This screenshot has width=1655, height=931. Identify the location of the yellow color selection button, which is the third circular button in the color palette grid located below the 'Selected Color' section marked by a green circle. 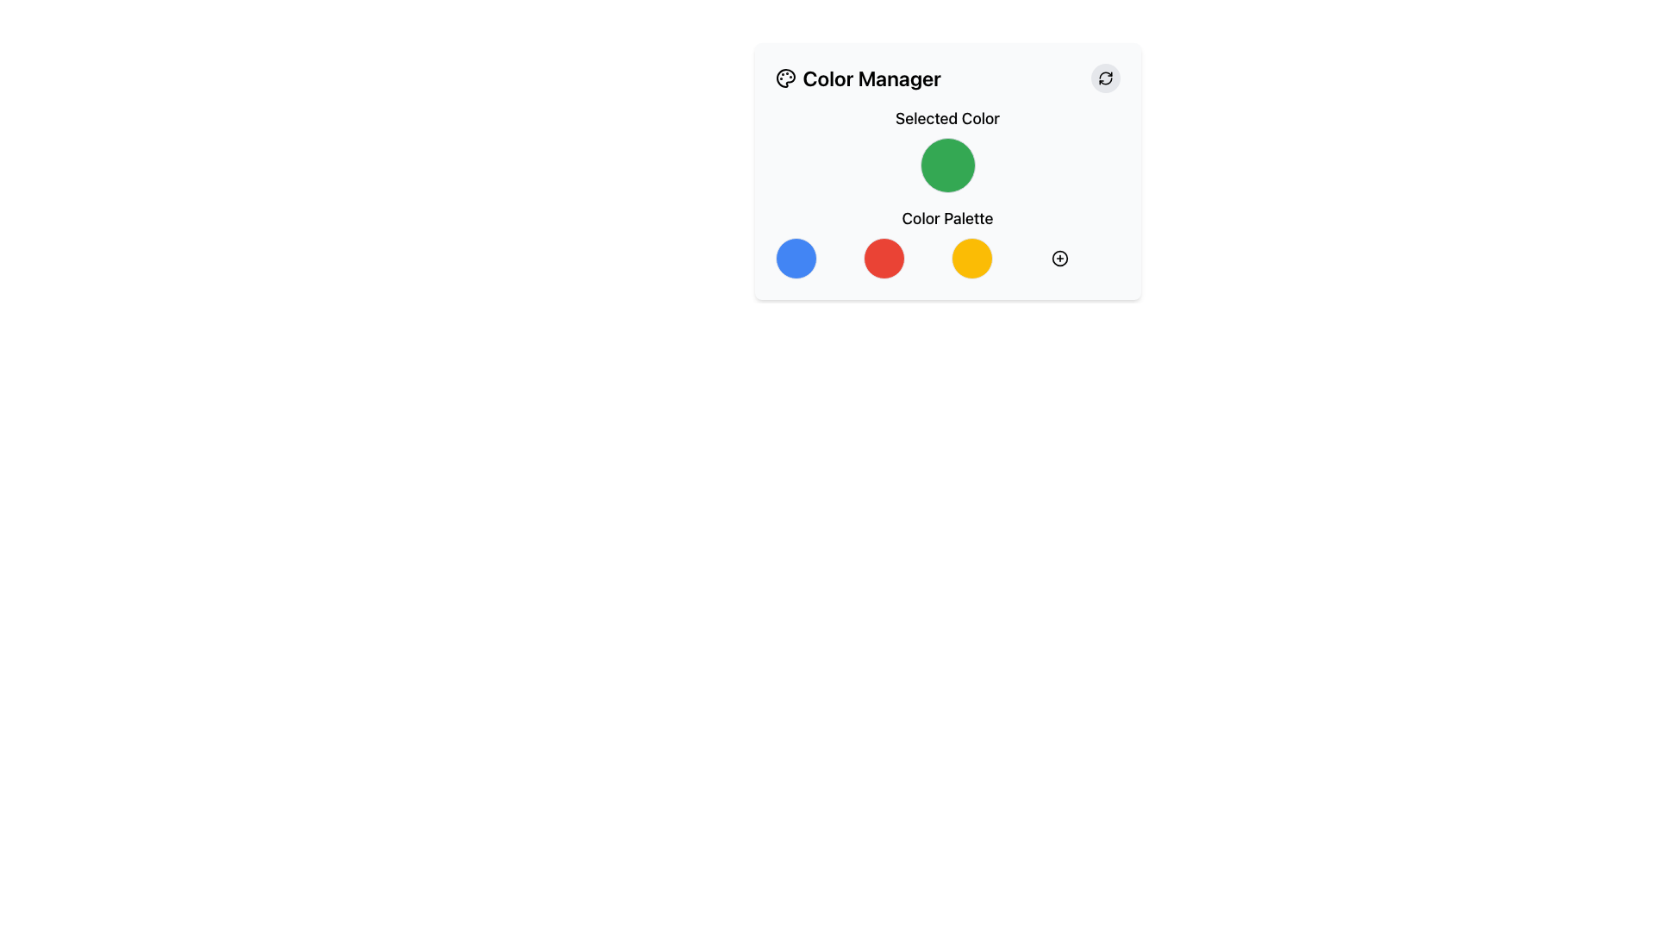
(971, 259).